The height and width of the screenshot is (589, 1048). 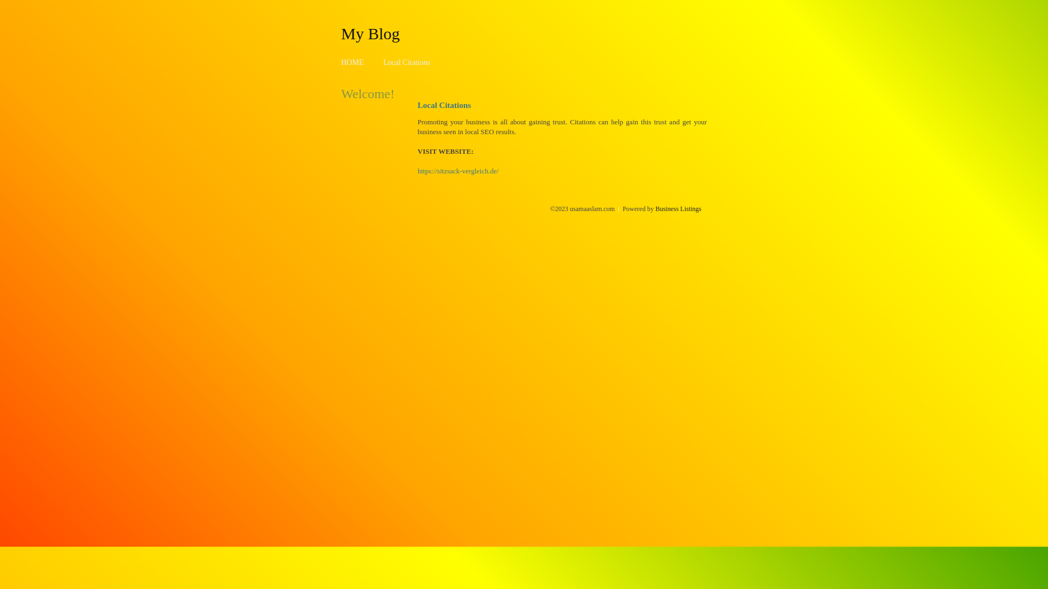 I want to click on 'https://sitzsack-vergleich.de/', so click(x=458, y=171).